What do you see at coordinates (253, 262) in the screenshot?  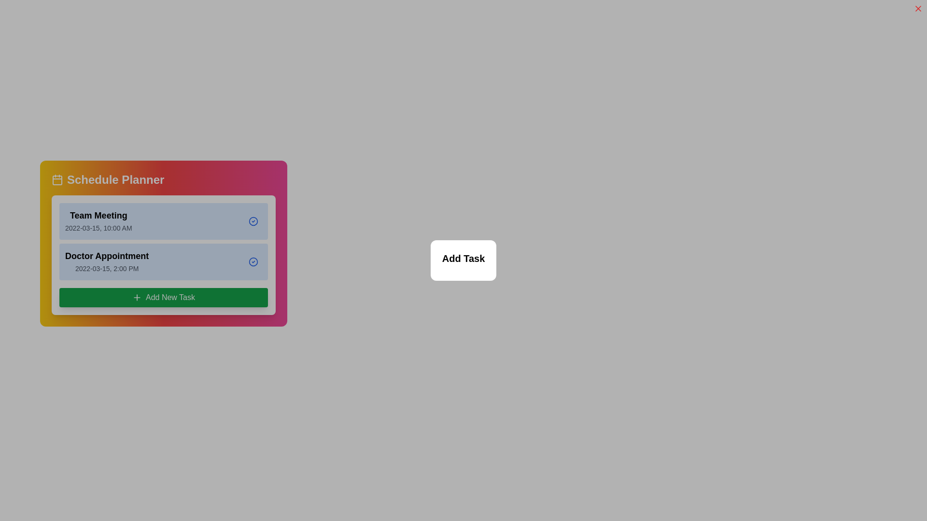 I see `the circular graphical icon within the 'Doctor Appointment' task block in the 'Schedule Planner'` at bounding box center [253, 262].